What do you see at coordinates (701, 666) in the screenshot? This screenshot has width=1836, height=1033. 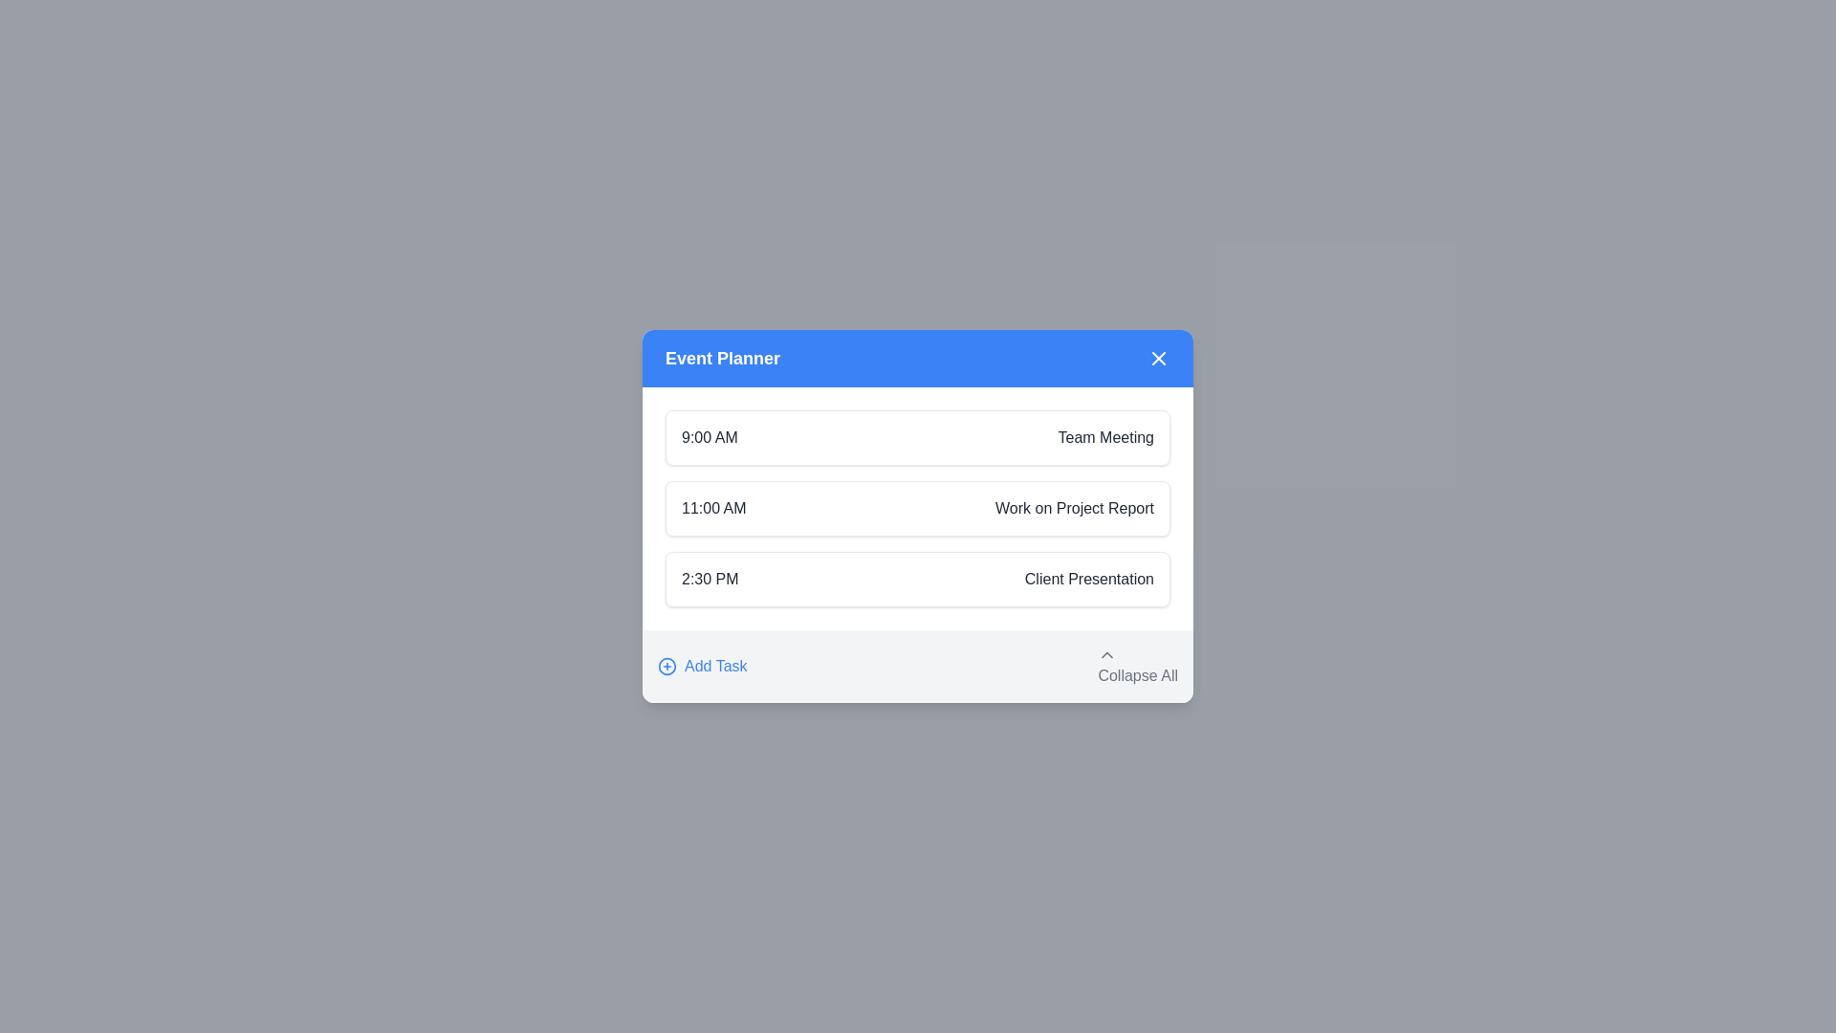 I see `the 'Add Task' button to initiate adding a new task` at bounding box center [701, 666].